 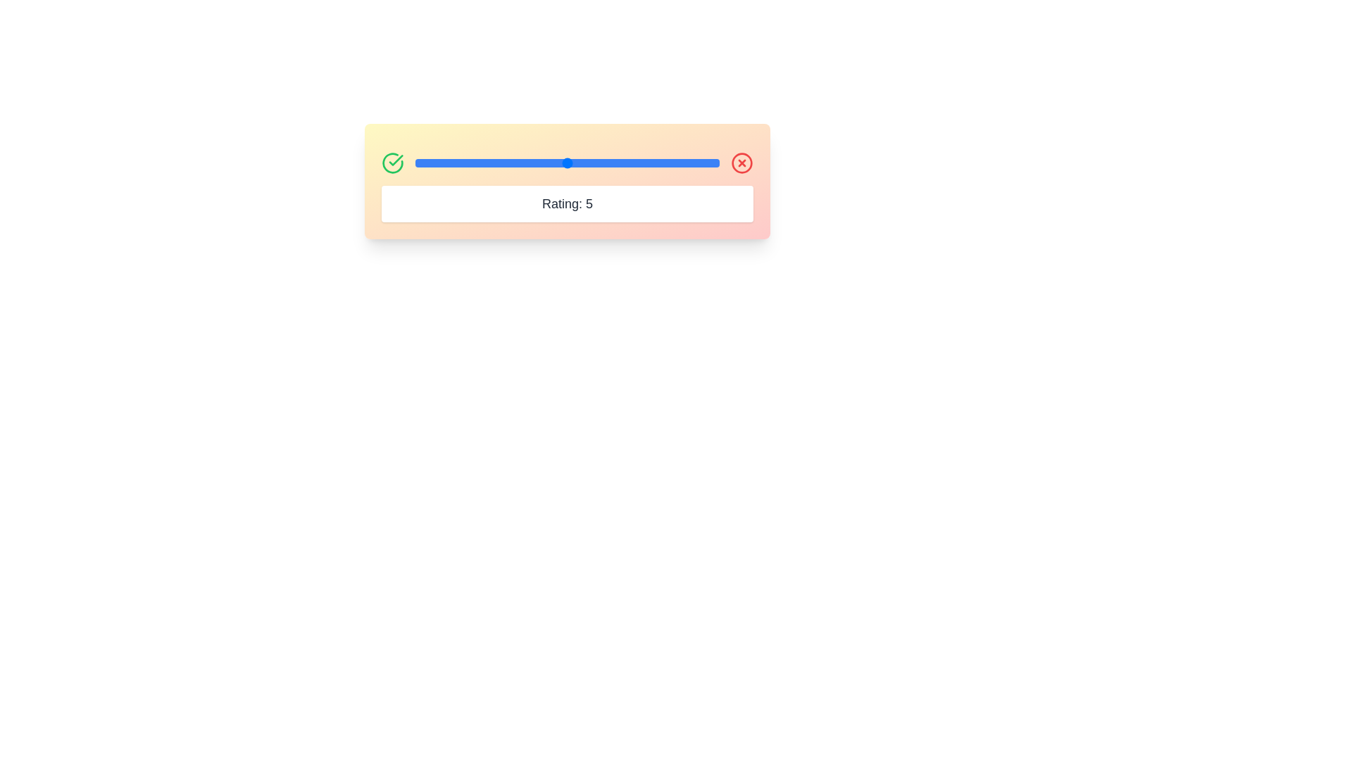 I want to click on the slider, so click(x=536, y=162).